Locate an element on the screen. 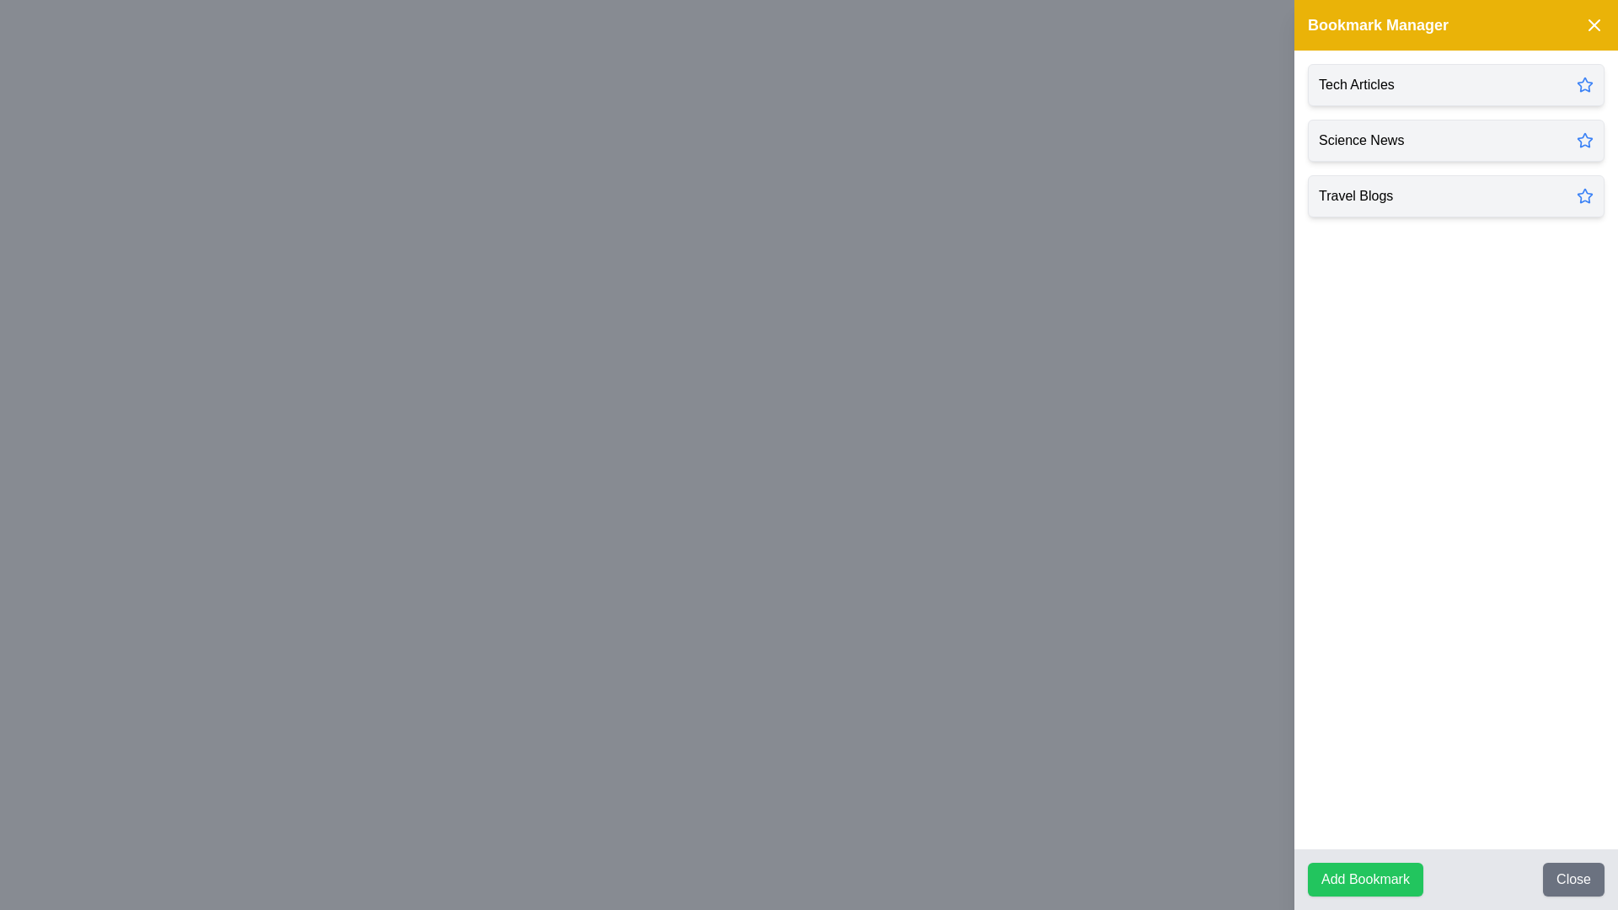  the first star-shaped icon with a blue outline located adjacent to the 'Tech Articles' label in the Bookmark Manager is located at coordinates (1584, 84).